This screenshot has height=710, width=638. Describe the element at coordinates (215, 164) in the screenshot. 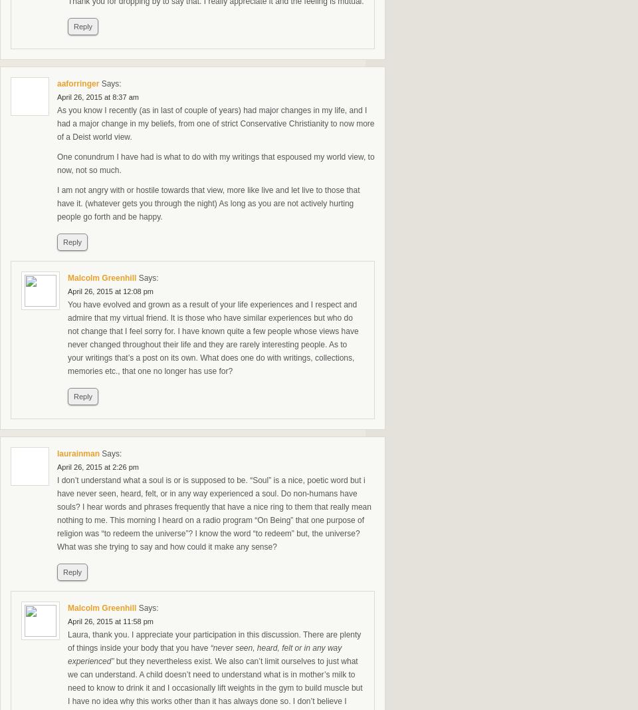

I see `'One conundrum I have had is what to do with my writings that espoused my world view, to now, not so much.'` at that location.